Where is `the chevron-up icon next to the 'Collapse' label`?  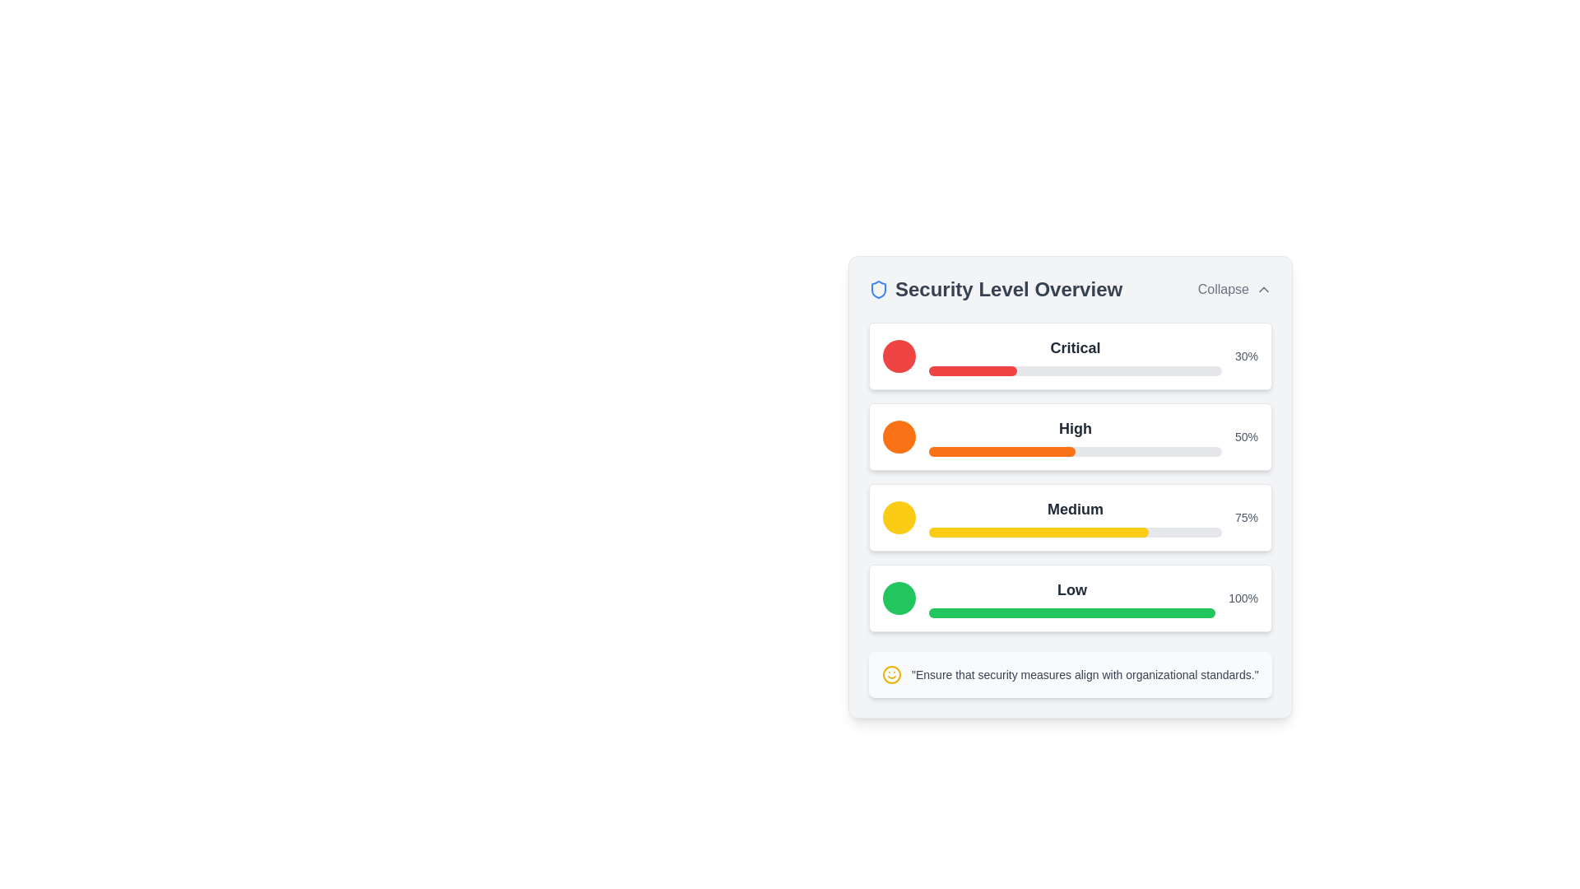
the chevron-up icon next to the 'Collapse' label is located at coordinates (1263, 288).